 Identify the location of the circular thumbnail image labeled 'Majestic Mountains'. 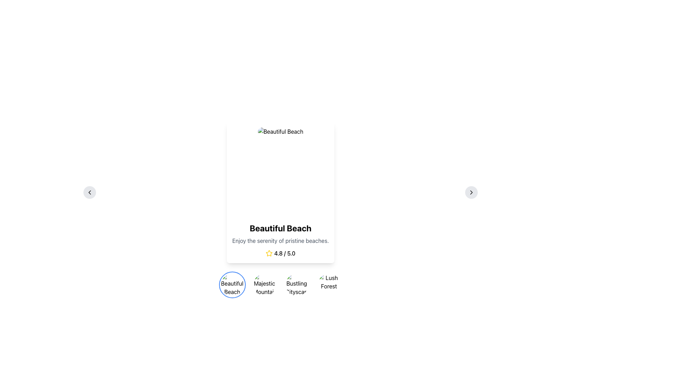
(264, 285).